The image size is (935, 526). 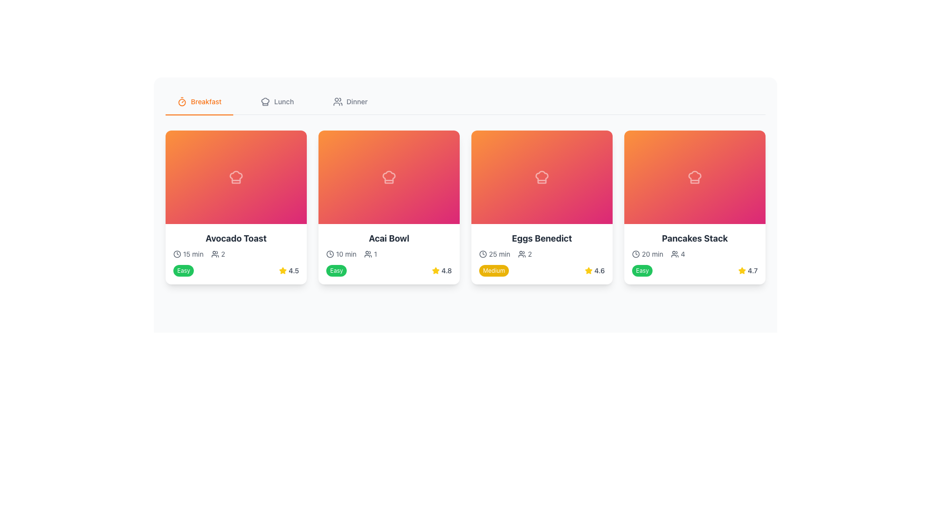 What do you see at coordinates (370, 253) in the screenshot?
I see `the icon representing a group of people with the number '1' styled in gray, located beneath the 'Acai Bowl' card and after the time information ('10 min')` at bounding box center [370, 253].